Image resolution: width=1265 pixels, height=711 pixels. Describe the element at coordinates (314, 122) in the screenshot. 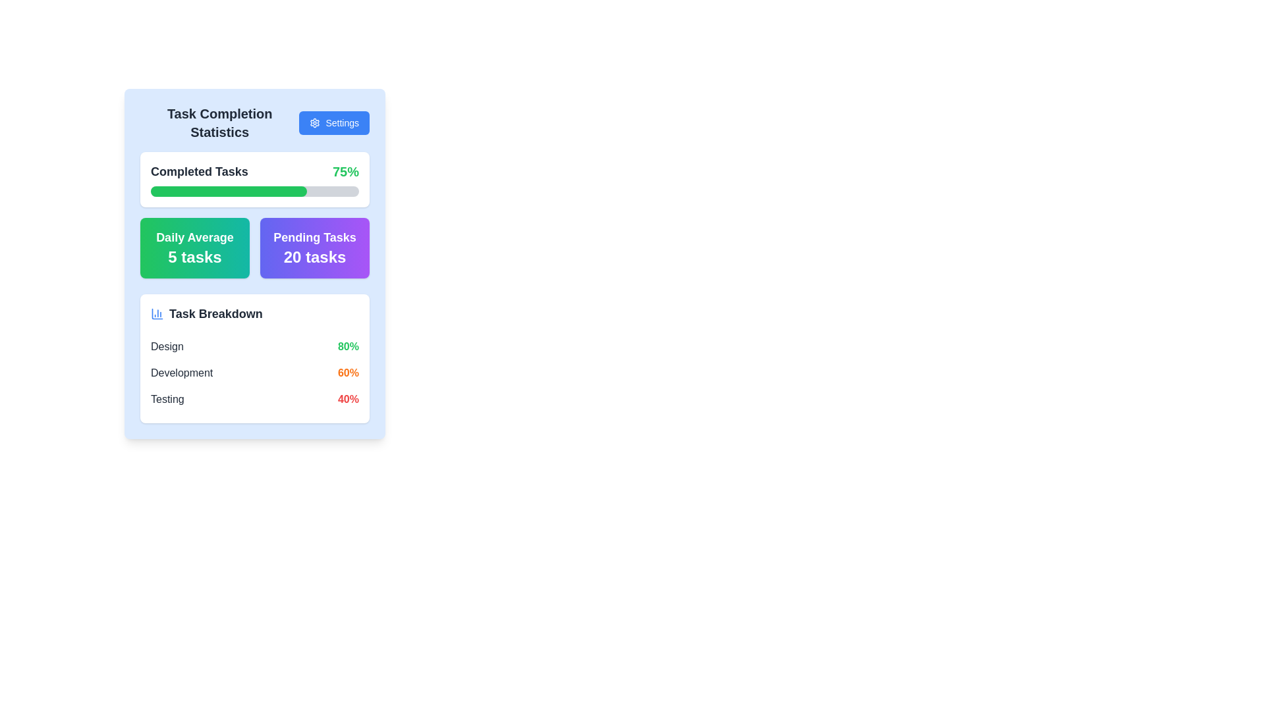

I see `the settings cogwheel icon located at the top-right corner of the card header labeled 'Task Completion Statistics'` at that location.